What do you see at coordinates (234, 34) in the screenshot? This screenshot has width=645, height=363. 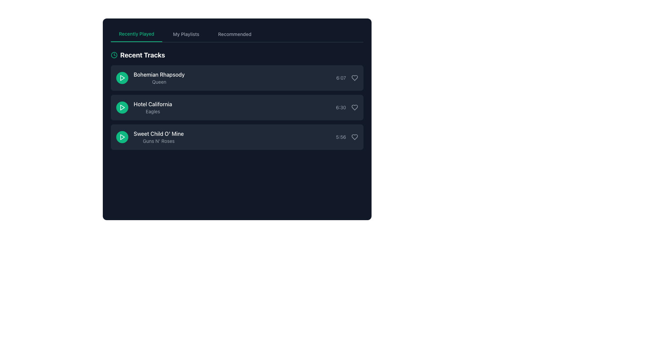 I see `the third button in the navigational bar` at bounding box center [234, 34].